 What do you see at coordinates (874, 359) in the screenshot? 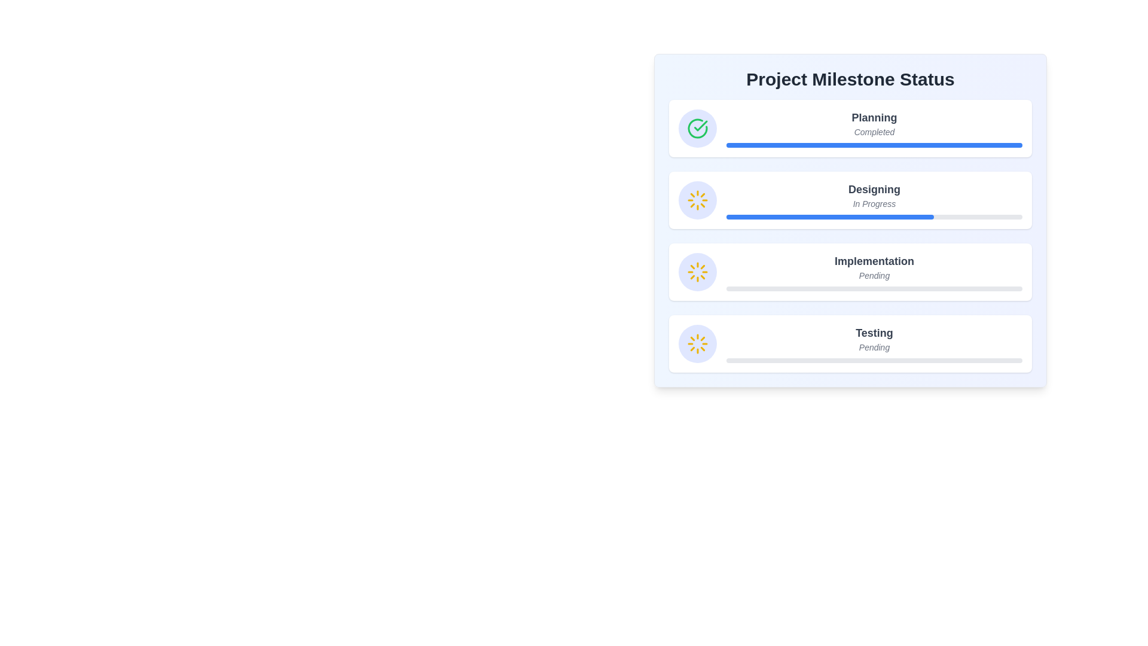
I see `the progress bar indicating the progress of the 'Testing' stage in the milestone tracker, which is located below the text 'Testing' and 'Pending'` at bounding box center [874, 359].